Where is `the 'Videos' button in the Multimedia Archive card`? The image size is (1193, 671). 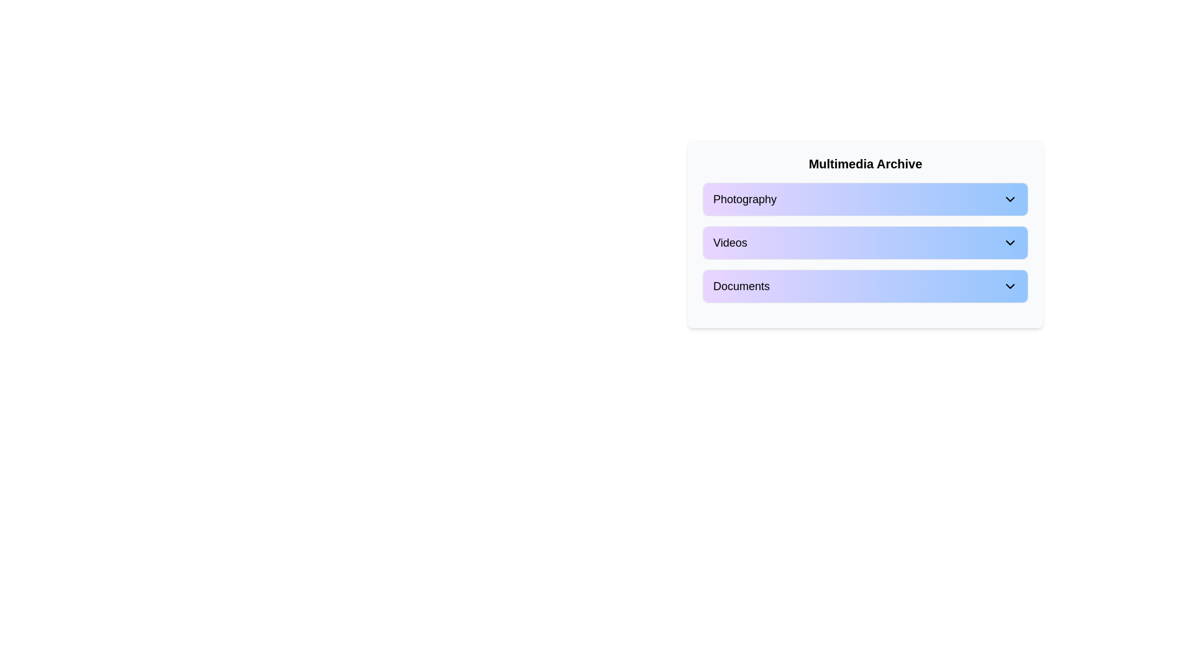 the 'Videos' button in the Multimedia Archive card is located at coordinates (864, 236).